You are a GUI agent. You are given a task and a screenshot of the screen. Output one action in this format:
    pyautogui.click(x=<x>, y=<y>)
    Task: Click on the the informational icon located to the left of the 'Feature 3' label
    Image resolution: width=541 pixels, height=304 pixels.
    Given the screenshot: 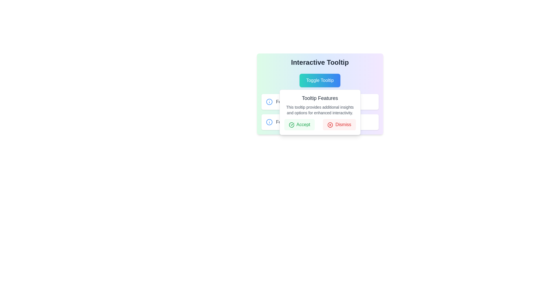 What is the action you would take?
    pyautogui.click(x=269, y=122)
    